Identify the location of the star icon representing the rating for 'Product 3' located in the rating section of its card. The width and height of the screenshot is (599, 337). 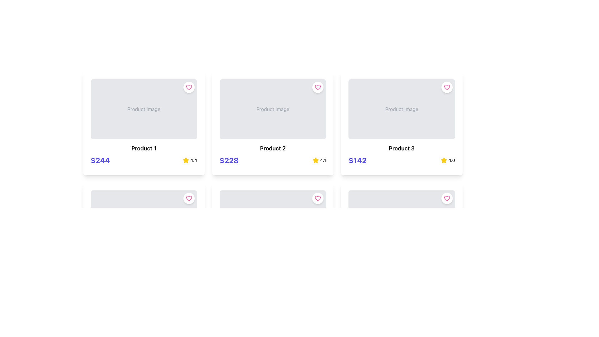
(444, 160).